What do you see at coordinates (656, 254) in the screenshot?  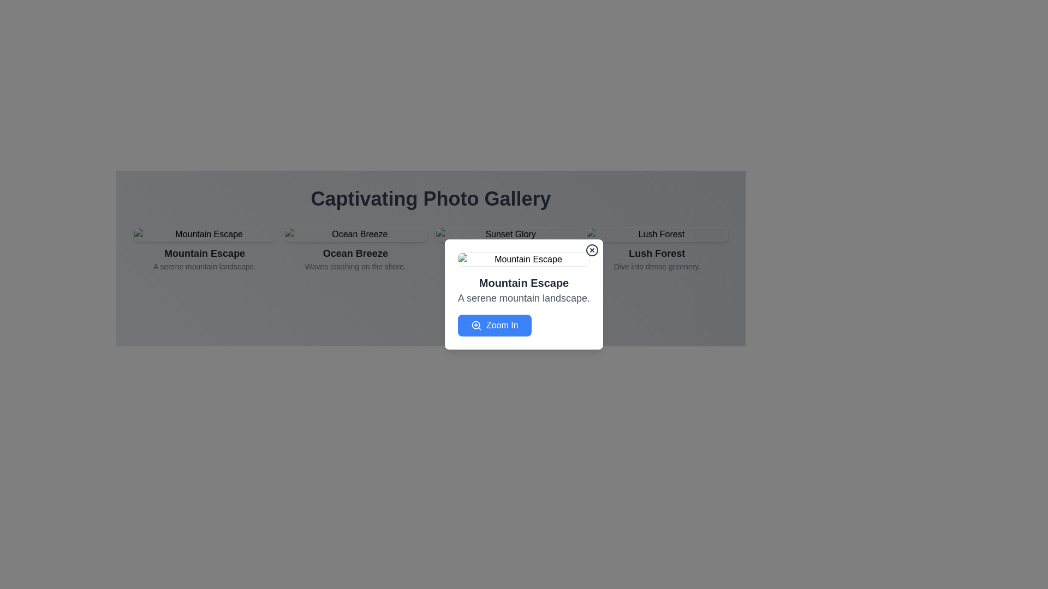 I see `the 'Lush Forest' text label, which is styled in bold typography and located above the subtitle 'Dive into dense greenery'` at bounding box center [656, 254].